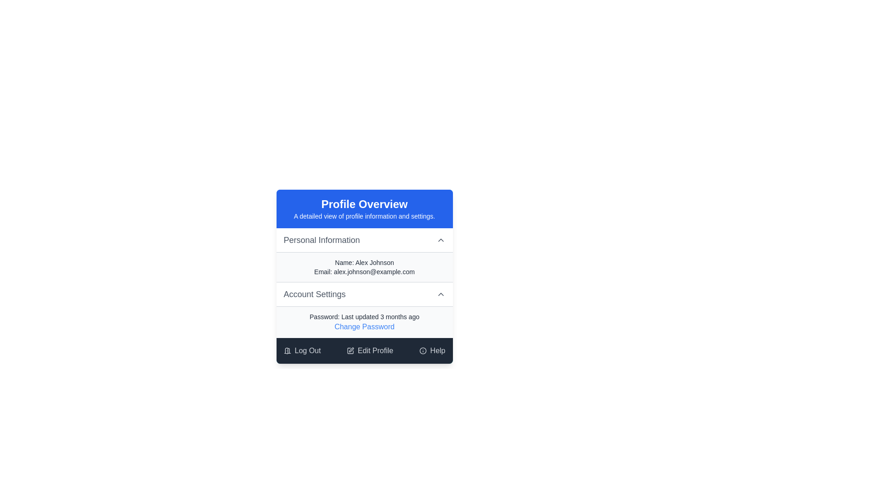 This screenshot has width=882, height=496. What do you see at coordinates (364, 209) in the screenshot?
I see `the header element that summarizes the profile information, located at the top of the profile information card` at bounding box center [364, 209].